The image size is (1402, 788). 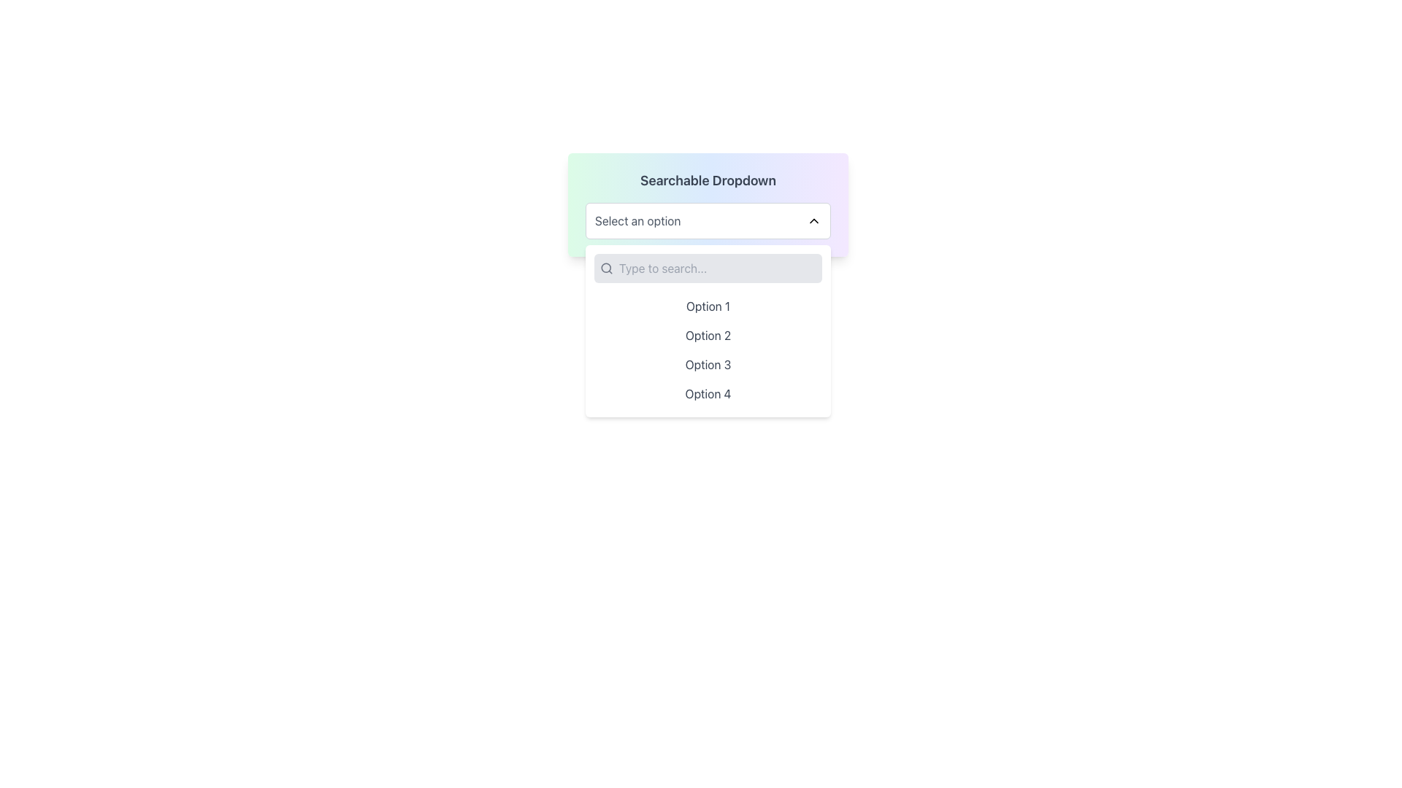 What do you see at coordinates (708, 394) in the screenshot?
I see `the 'Option 4' text-based option in the dropdown menu` at bounding box center [708, 394].